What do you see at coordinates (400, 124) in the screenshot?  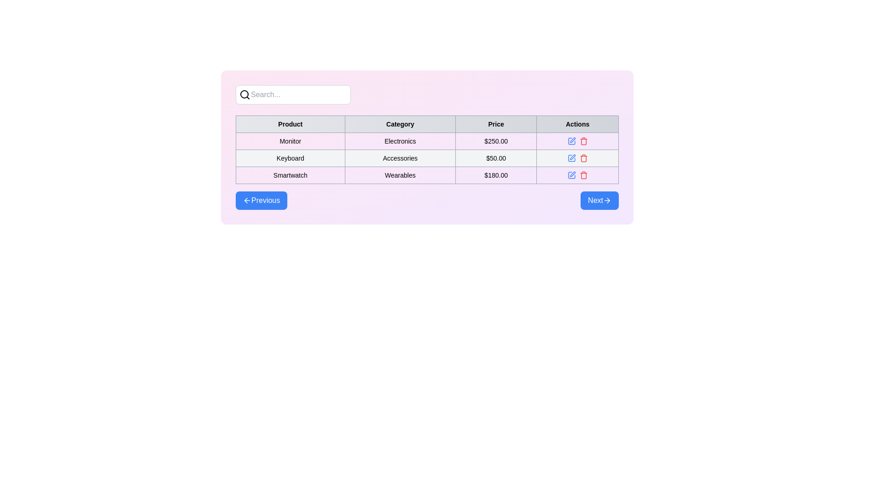 I see `the table header cell labeled 'Category', which has a grey background and is bordered by dark lines, positioned between the 'Product' and 'Price' headers` at bounding box center [400, 124].